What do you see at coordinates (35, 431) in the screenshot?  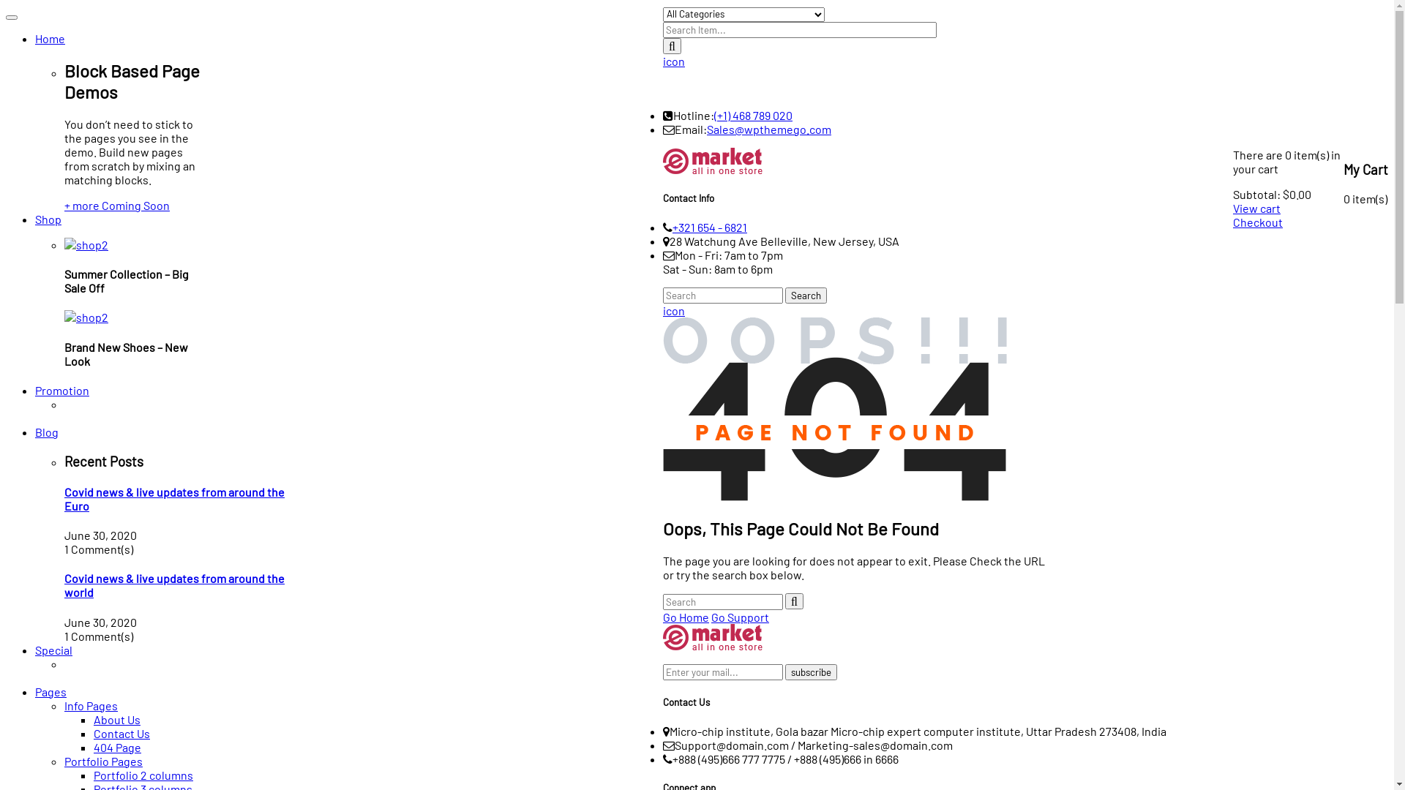 I see `'Blog'` at bounding box center [35, 431].